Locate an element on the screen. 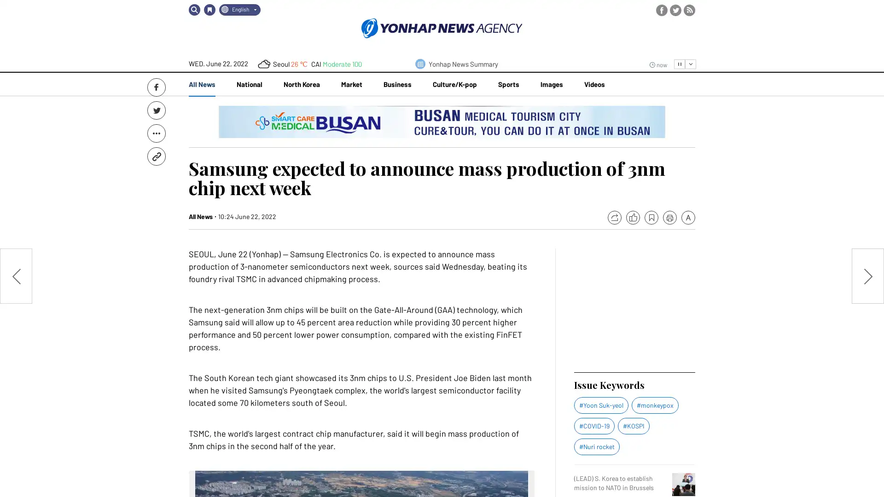 The image size is (884, 497). History is located at coordinates (209, 10).